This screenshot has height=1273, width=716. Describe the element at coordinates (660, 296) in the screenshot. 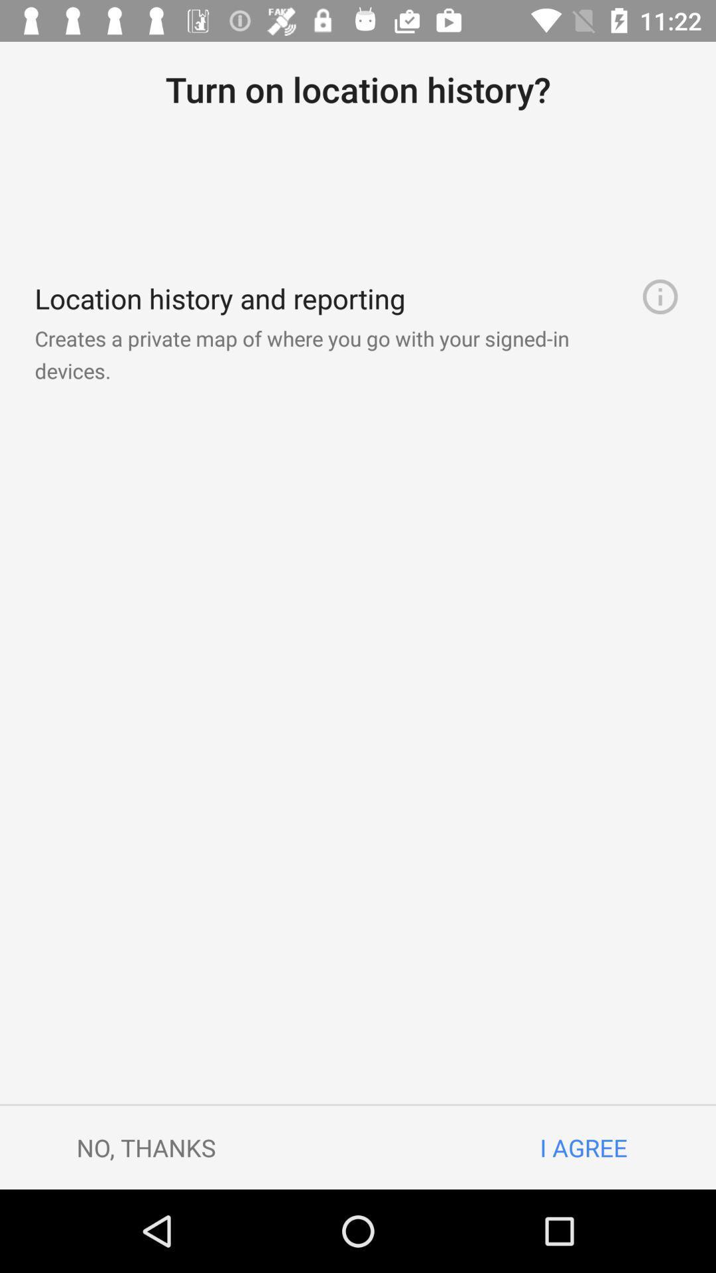

I see `icon to the right of the creates a private item` at that location.